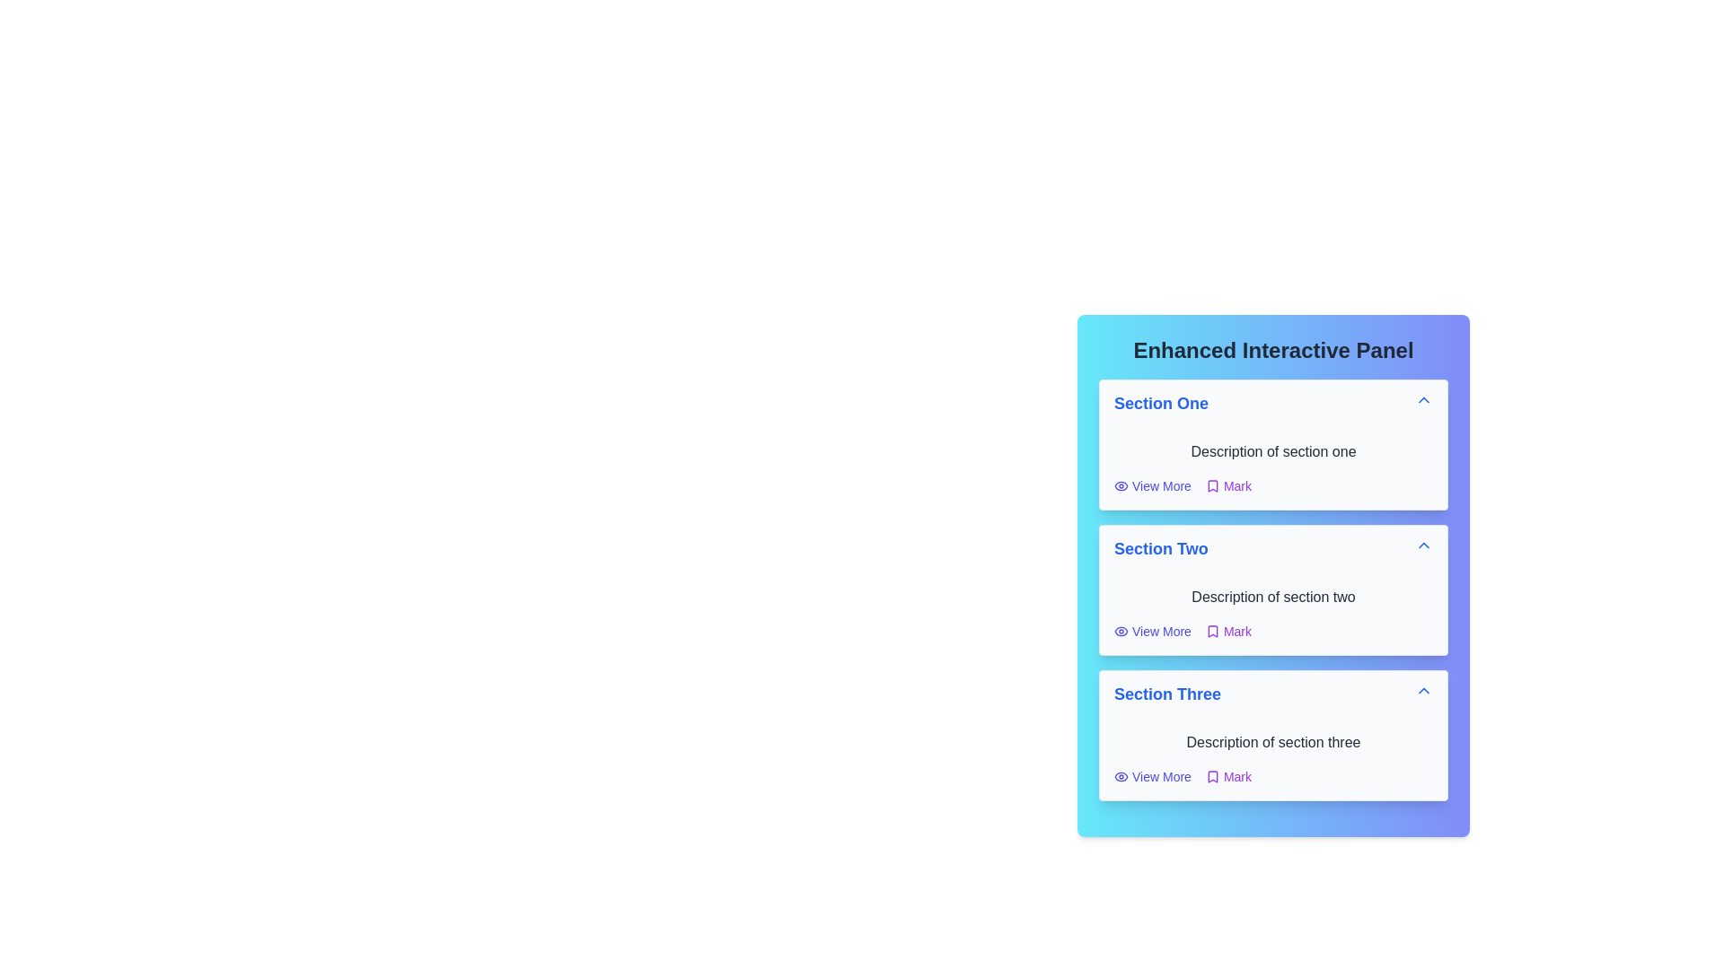  I want to click on the purple bookmark icon located to the left of the 'Mark' text label to mark this section, so click(1212, 631).